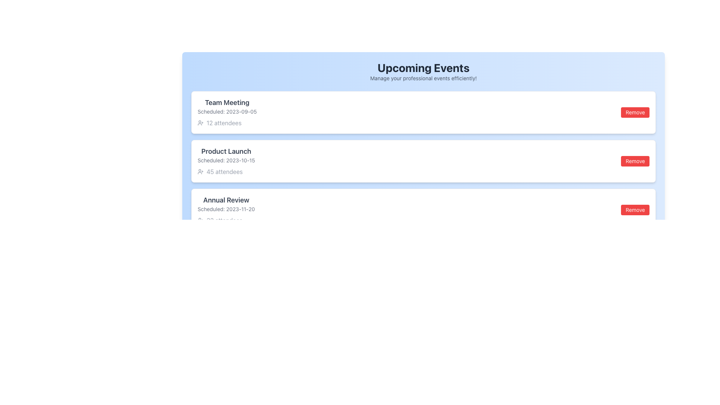  I want to click on the Informational Text Block that provides details about the 'Product Launch' event, located between 'Team Meeting' and 'Annual Review', so click(226, 160).